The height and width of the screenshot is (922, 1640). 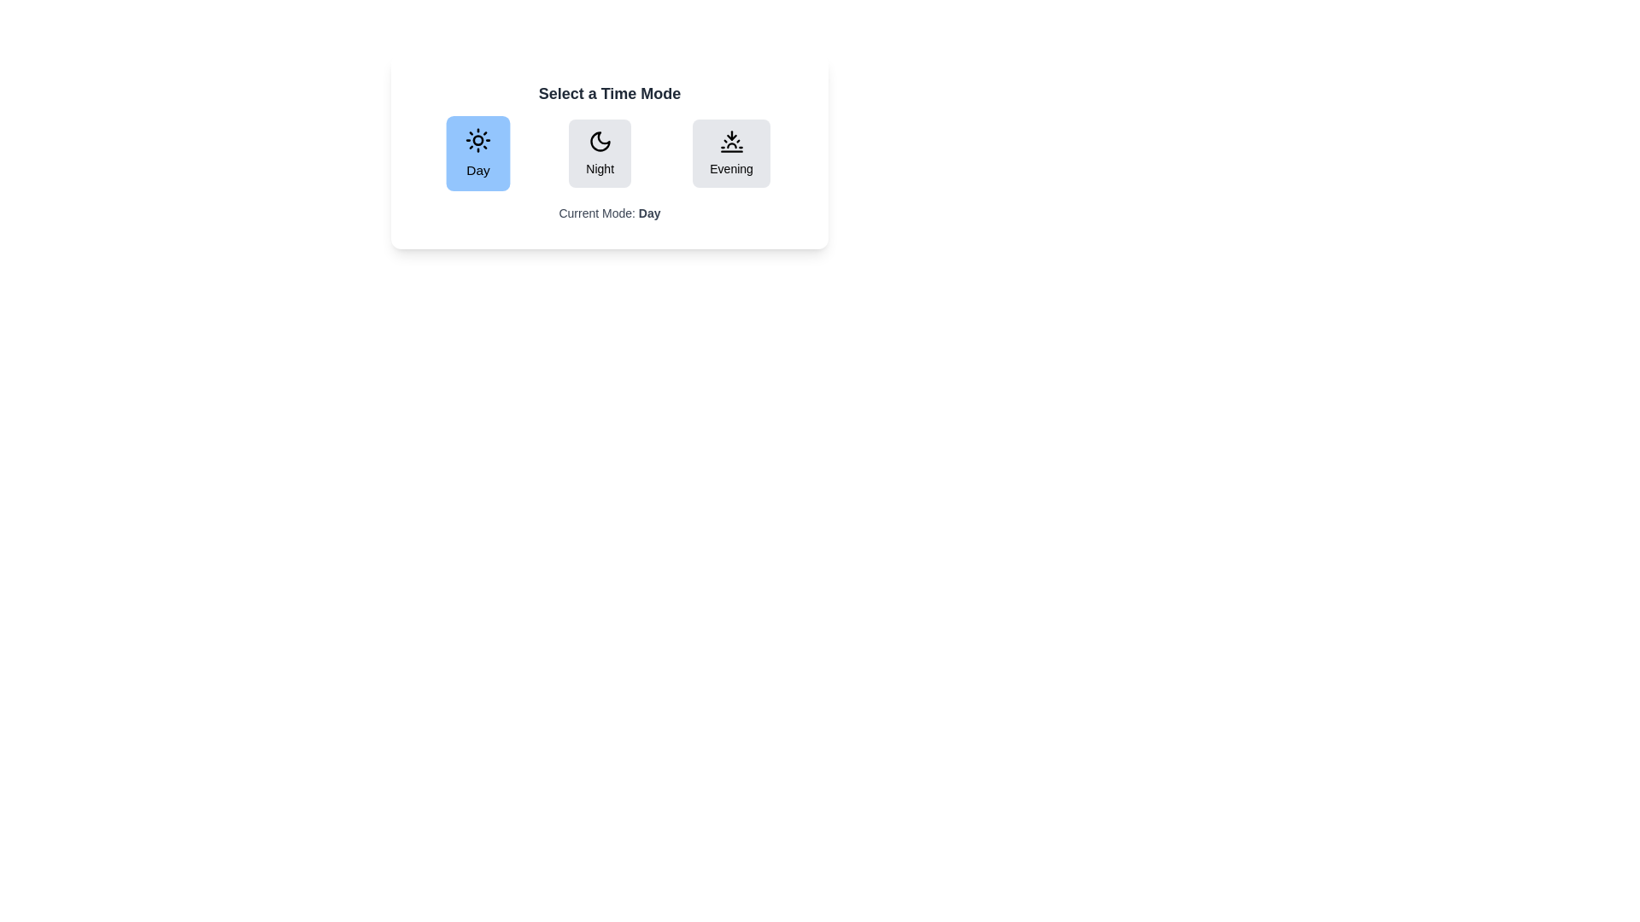 What do you see at coordinates (600, 154) in the screenshot?
I see `the button corresponding to the mode Night` at bounding box center [600, 154].